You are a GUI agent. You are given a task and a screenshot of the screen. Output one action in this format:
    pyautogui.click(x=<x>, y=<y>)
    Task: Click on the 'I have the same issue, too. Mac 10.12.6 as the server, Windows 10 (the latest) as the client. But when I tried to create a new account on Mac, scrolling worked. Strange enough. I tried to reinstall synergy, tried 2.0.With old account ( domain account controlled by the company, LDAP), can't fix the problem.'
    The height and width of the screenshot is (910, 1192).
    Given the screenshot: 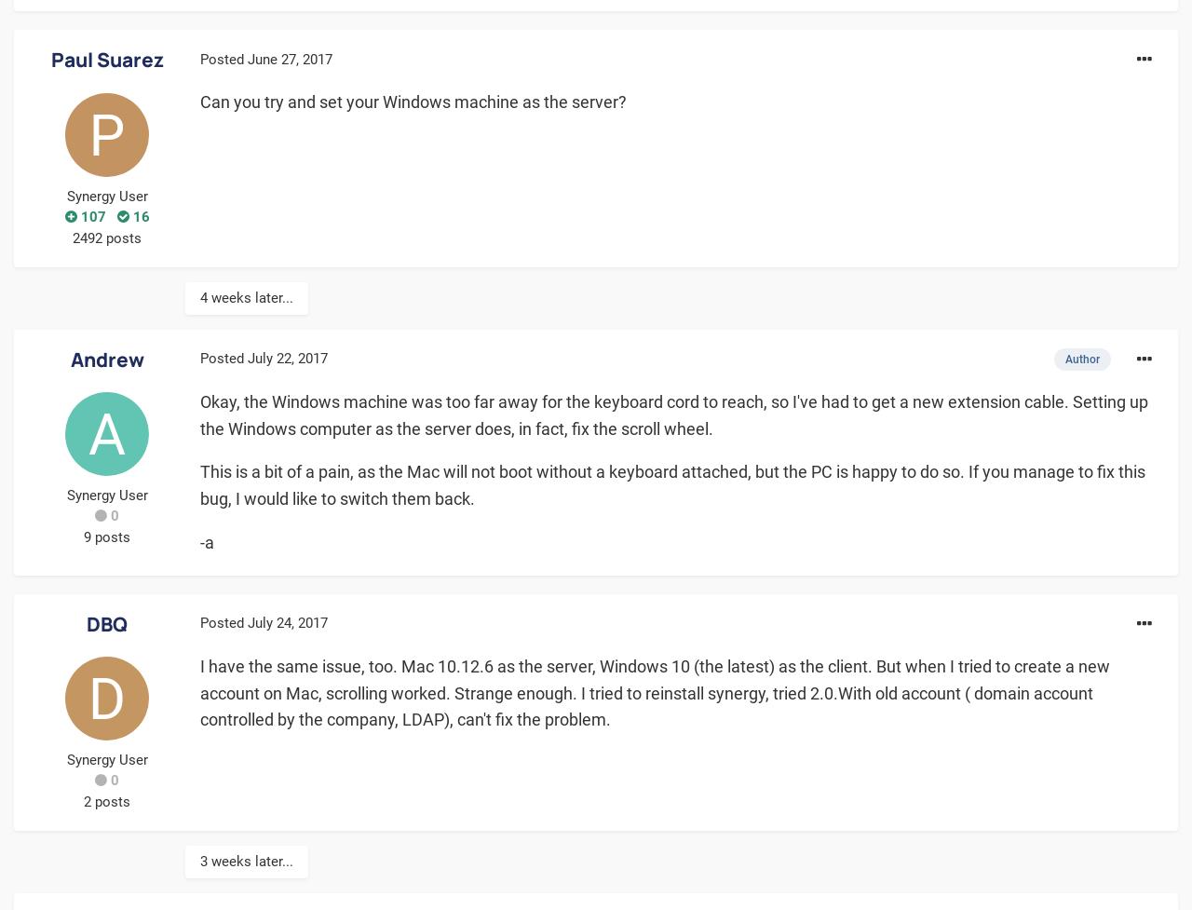 What is the action you would take?
    pyautogui.click(x=655, y=692)
    